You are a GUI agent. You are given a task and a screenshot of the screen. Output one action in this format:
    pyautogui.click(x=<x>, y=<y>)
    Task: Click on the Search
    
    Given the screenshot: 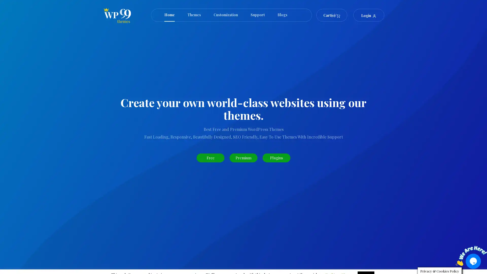 What is the action you would take?
    pyautogui.click(x=328, y=179)
    